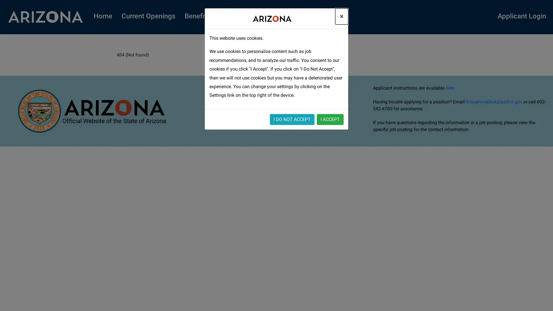 The width and height of the screenshot is (553, 311). I want to click on Close, so click(342, 16).